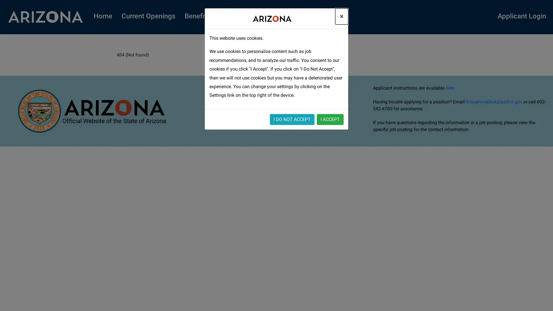 The width and height of the screenshot is (553, 311). I want to click on Close, so click(342, 16).